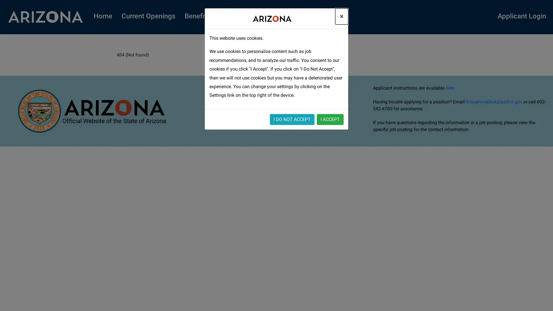 The width and height of the screenshot is (553, 311). I want to click on Close, so click(342, 16).